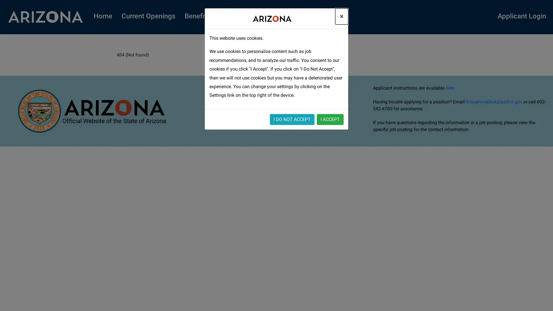 The width and height of the screenshot is (553, 311). I want to click on Close, so click(342, 16).